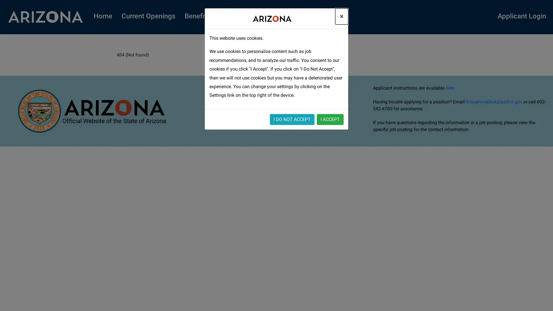 The width and height of the screenshot is (553, 311). I want to click on Close, so click(342, 16).